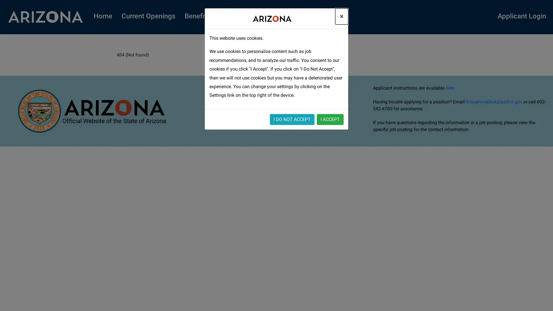 The width and height of the screenshot is (553, 311). I want to click on Close, so click(342, 16).